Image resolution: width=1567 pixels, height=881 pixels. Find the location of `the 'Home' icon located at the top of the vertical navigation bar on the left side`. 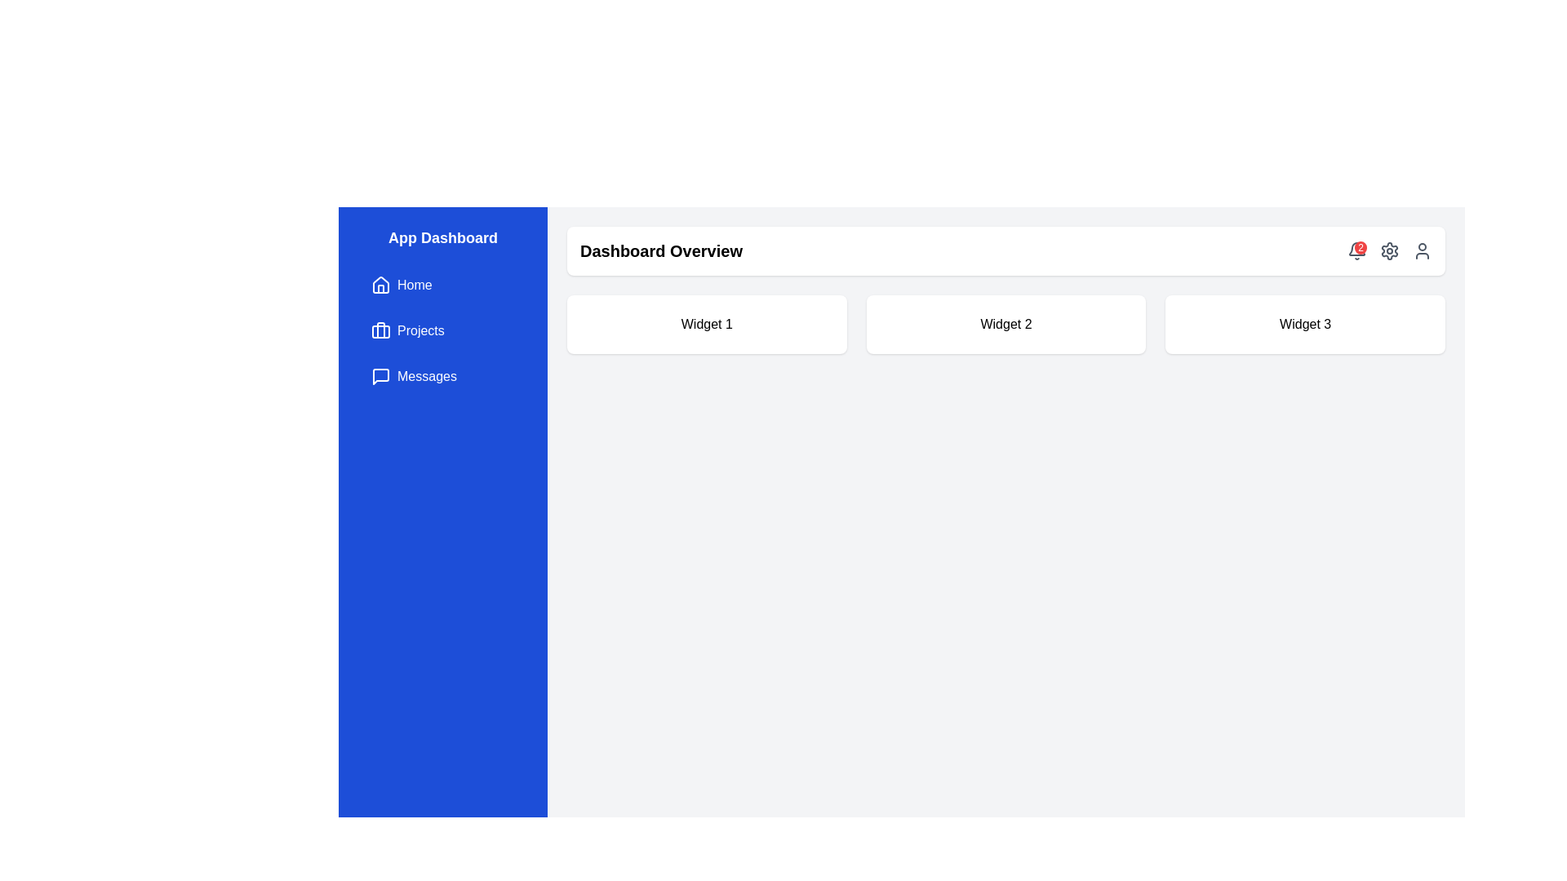

the 'Home' icon located at the top of the vertical navigation bar on the left side is located at coordinates (380, 283).